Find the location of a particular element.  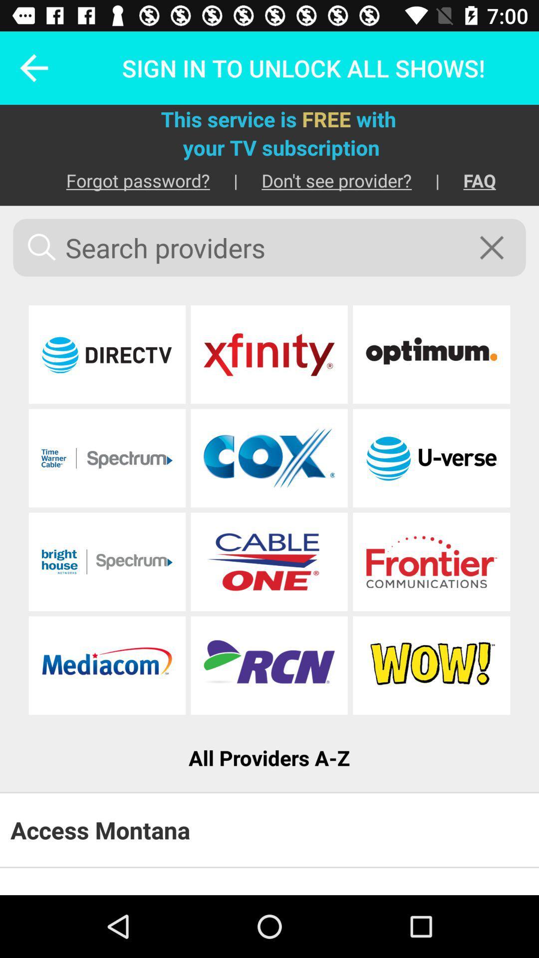

item to the left of the | item is located at coordinates (126, 180).